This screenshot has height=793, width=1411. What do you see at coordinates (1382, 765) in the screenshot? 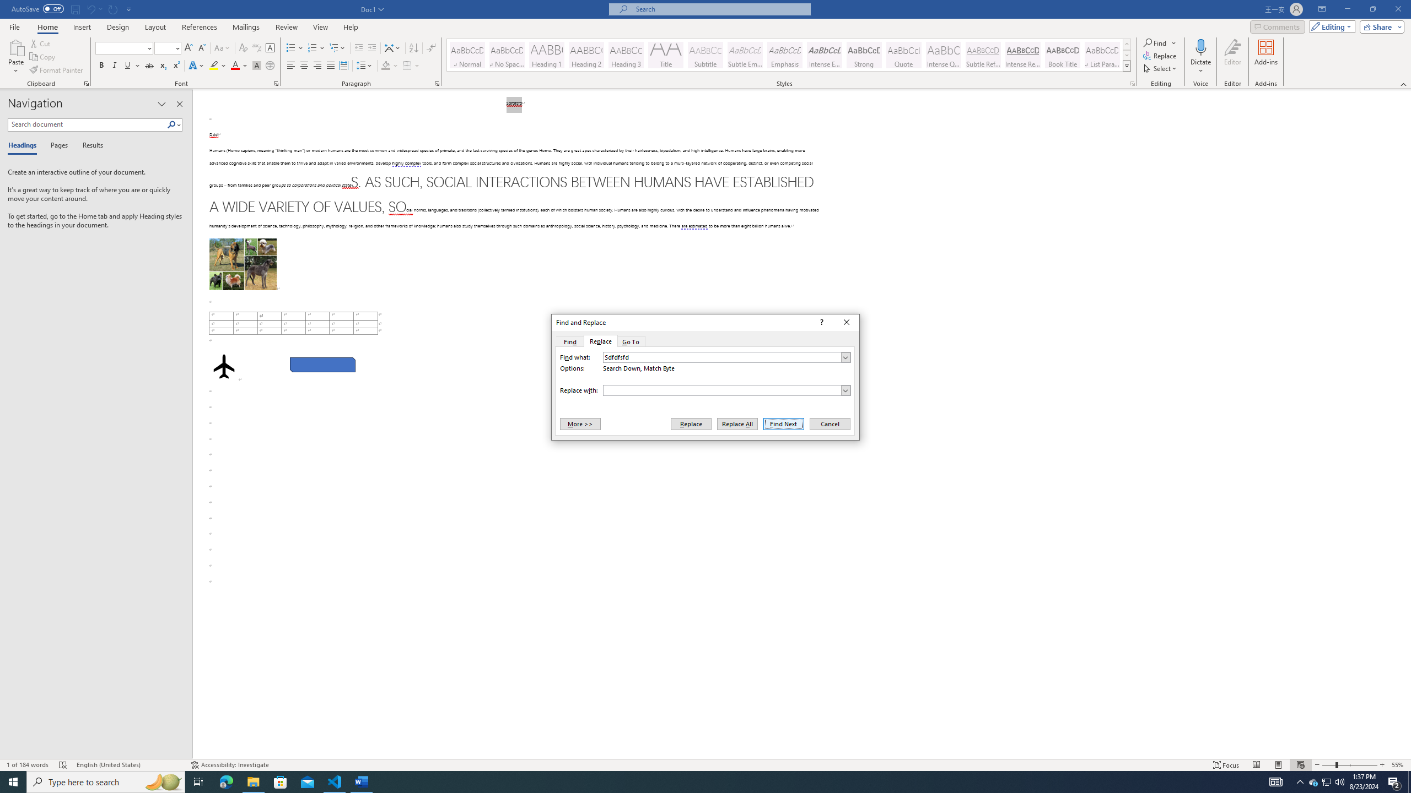
I see `'Zoom In'` at bounding box center [1382, 765].